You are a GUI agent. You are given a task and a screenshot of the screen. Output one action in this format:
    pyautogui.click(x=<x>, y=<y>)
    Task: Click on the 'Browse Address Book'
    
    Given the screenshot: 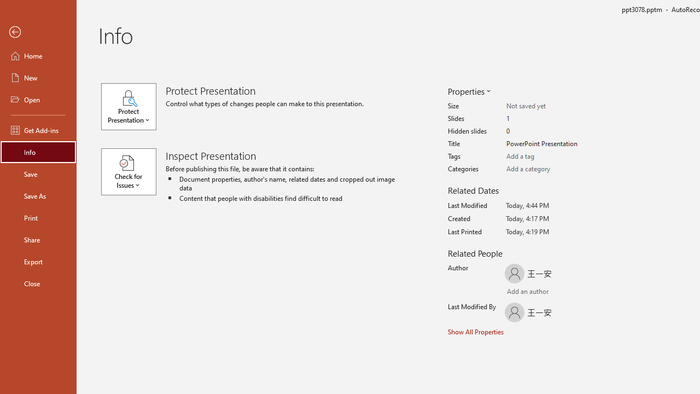 What is the action you would take?
    pyautogui.click(x=572, y=292)
    